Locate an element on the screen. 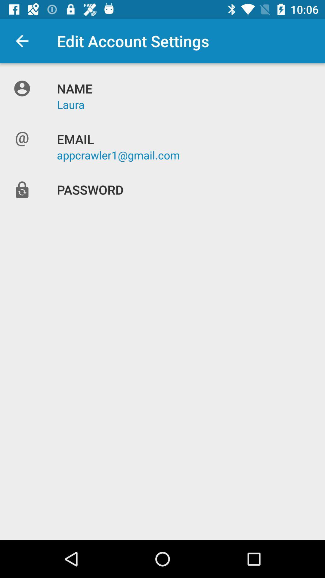 This screenshot has height=578, width=325. the icon to the left of edit account settings item is located at coordinates (22, 41).